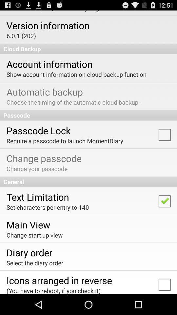 This screenshot has width=177, height=315. Describe the element at coordinates (38, 130) in the screenshot. I see `the app below passcode` at that location.